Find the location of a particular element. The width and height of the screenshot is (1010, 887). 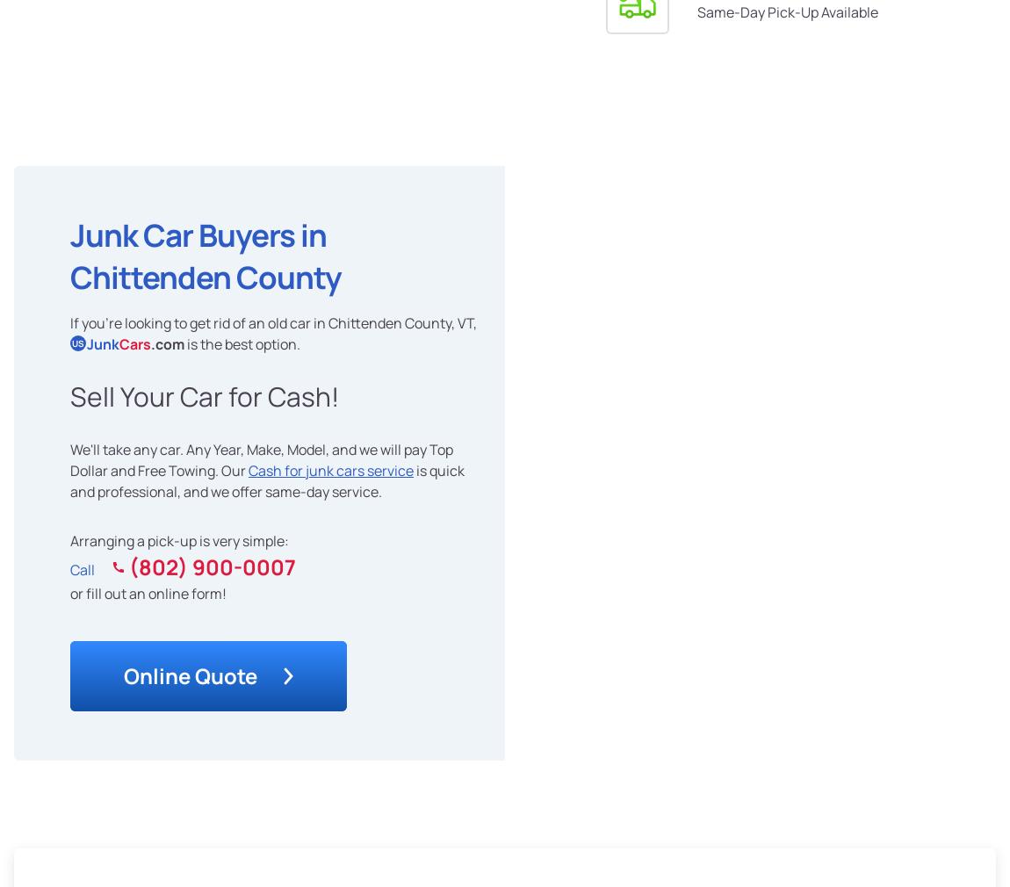

'Same-Day Pick-Up Available' is located at coordinates (788, 11).